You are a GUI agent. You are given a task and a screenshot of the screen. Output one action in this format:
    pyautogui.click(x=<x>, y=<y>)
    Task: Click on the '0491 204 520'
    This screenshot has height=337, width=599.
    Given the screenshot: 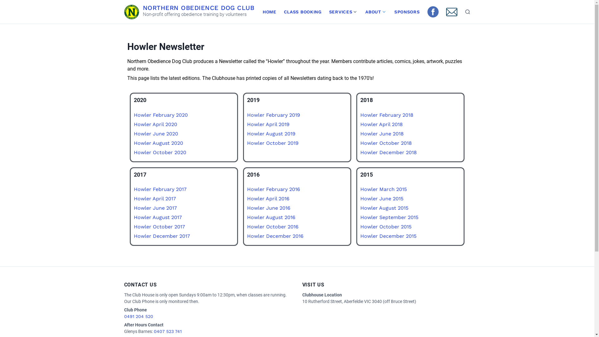 What is the action you would take?
    pyautogui.click(x=138, y=316)
    